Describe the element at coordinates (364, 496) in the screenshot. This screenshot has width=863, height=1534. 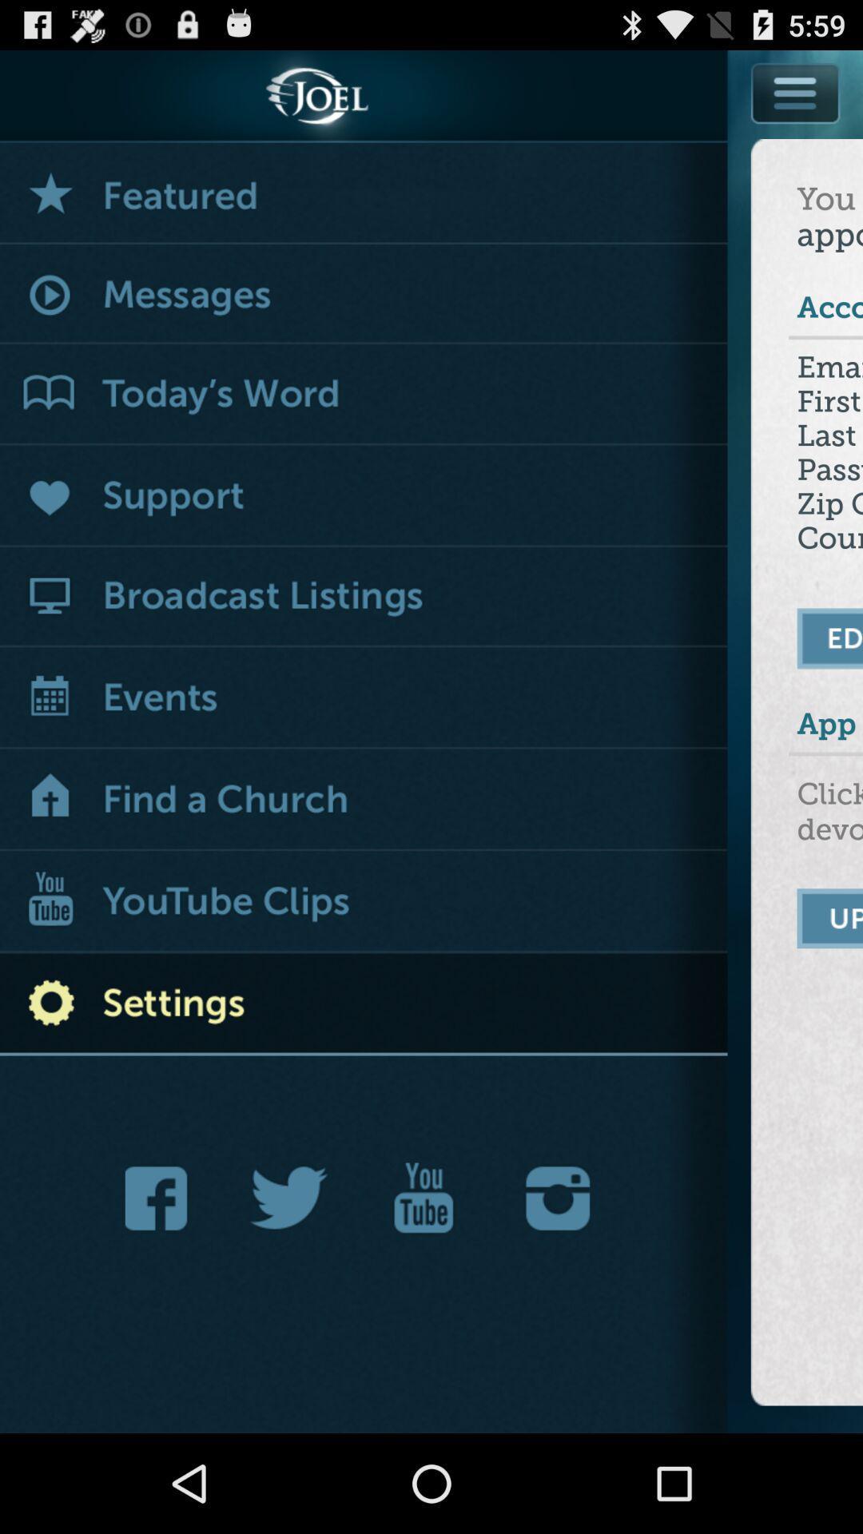
I see `support` at that location.